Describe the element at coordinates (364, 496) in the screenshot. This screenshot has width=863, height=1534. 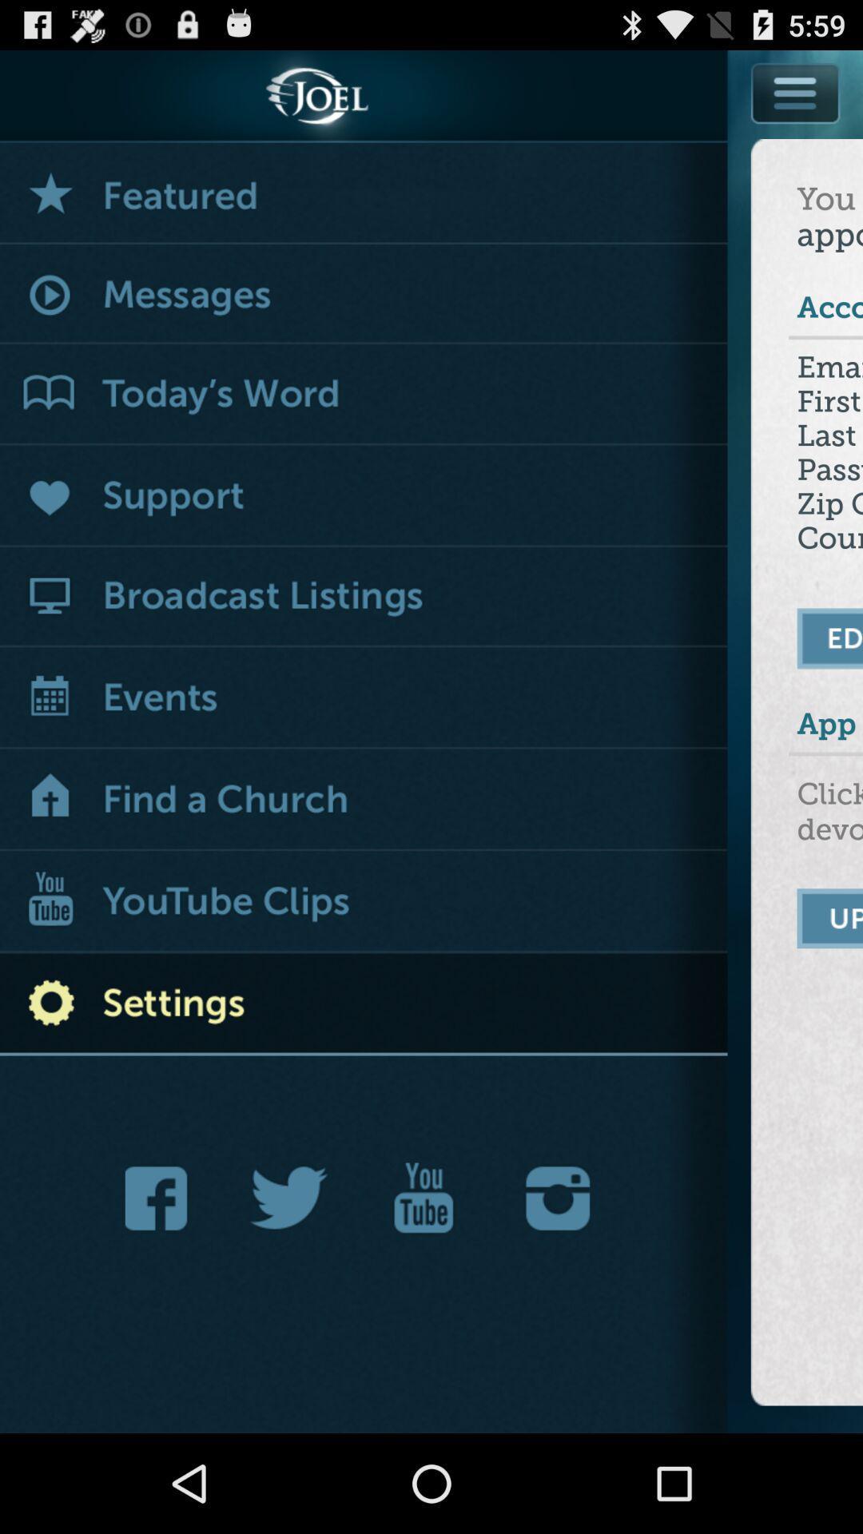
I see `support` at that location.